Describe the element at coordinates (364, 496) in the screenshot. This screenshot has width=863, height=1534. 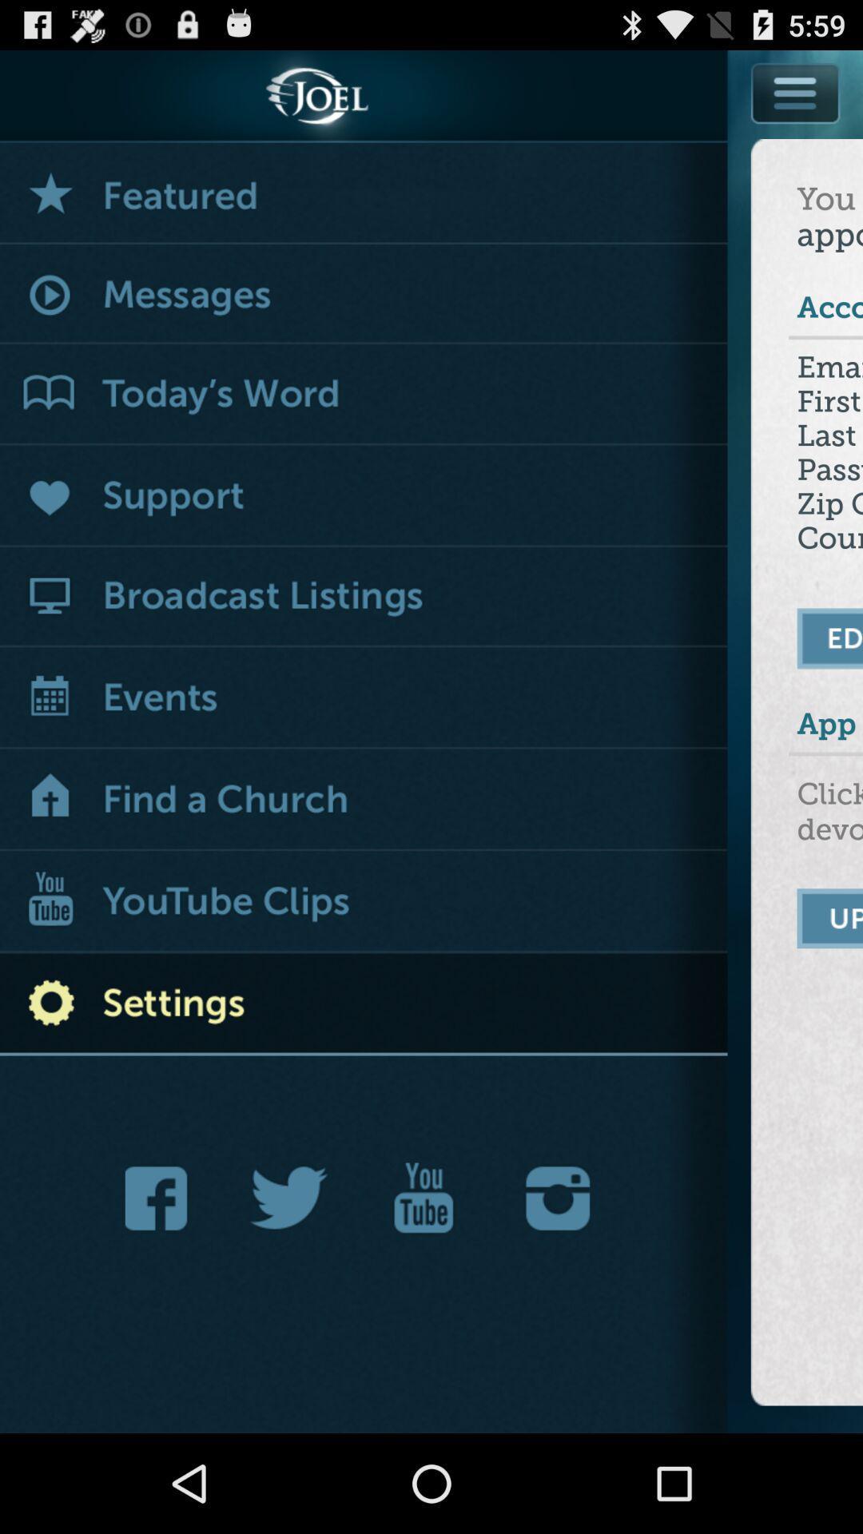
I see `support` at that location.